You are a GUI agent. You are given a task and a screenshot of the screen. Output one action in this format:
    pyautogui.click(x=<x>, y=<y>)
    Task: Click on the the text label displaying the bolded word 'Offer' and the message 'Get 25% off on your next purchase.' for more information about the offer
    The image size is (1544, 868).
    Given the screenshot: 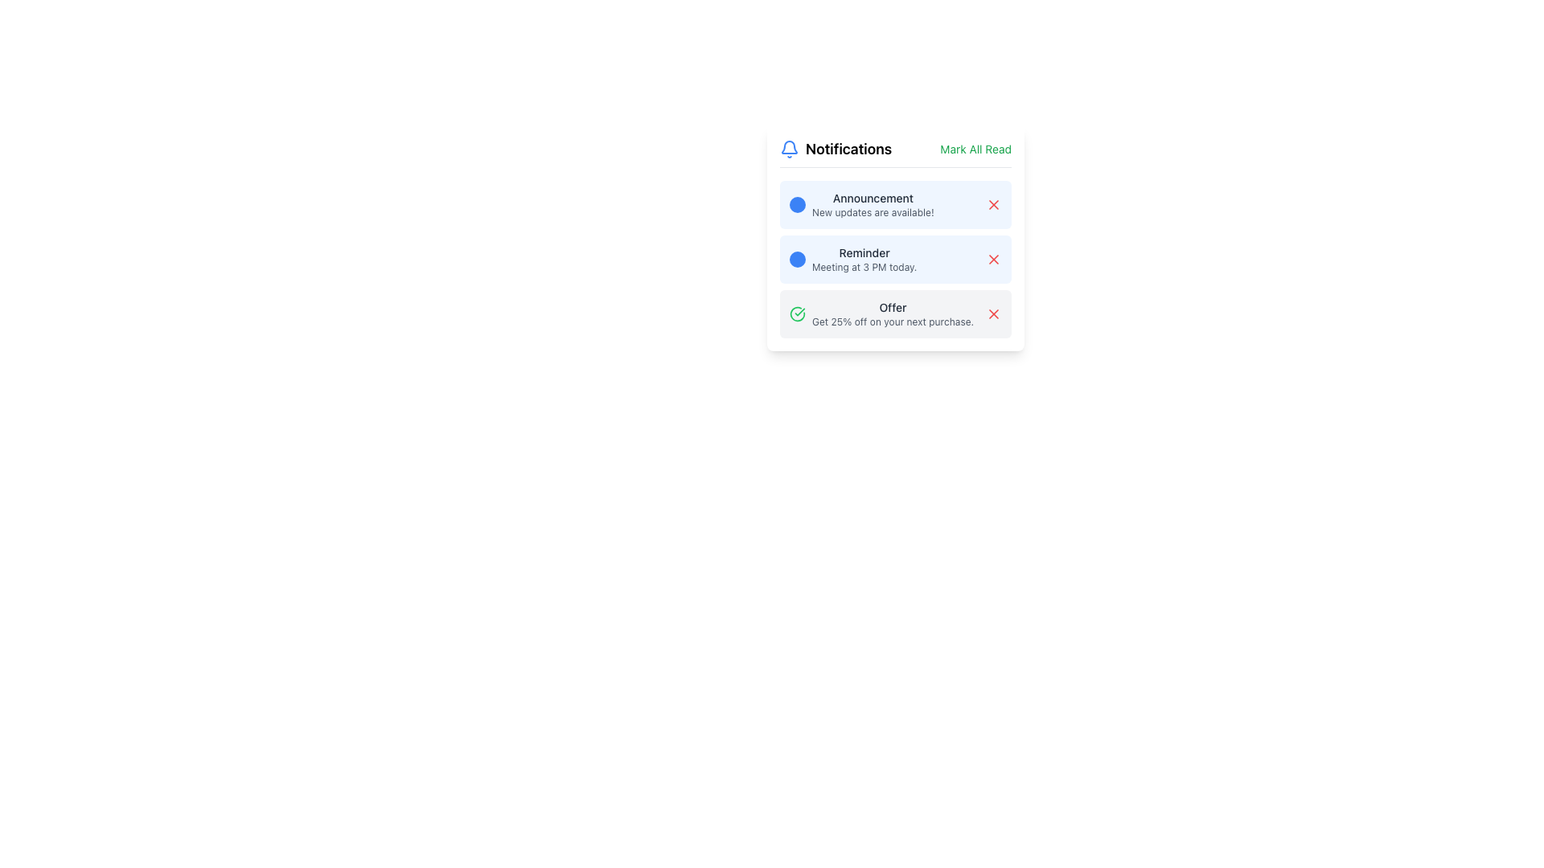 What is the action you would take?
    pyautogui.click(x=892, y=313)
    